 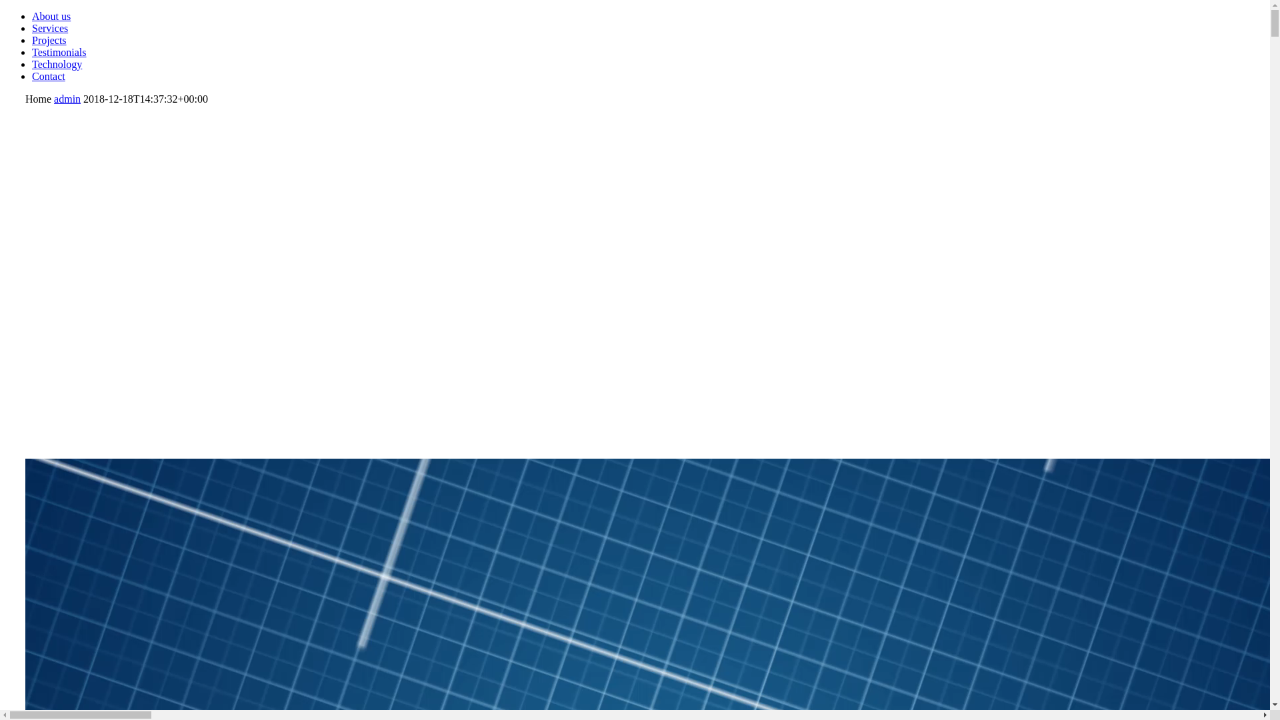 What do you see at coordinates (32, 76) in the screenshot?
I see `'Contact'` at bounding box center [32, 76].